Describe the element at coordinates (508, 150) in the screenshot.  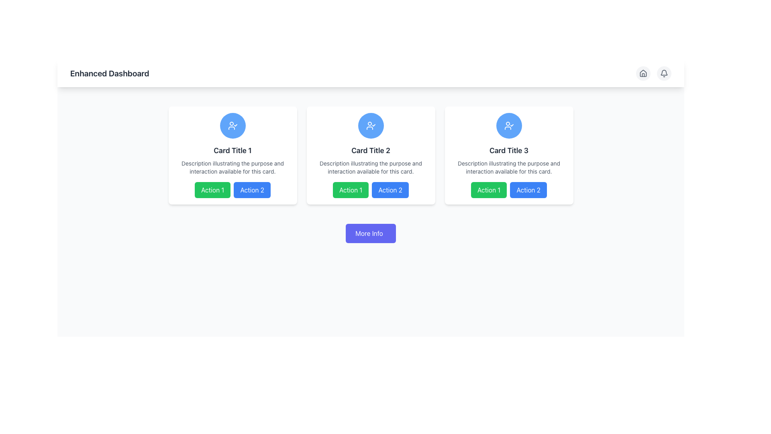
I see `title text of the third Text Label element located in the 'Card Title 3' card component, positioned below the circular icon` at that location.